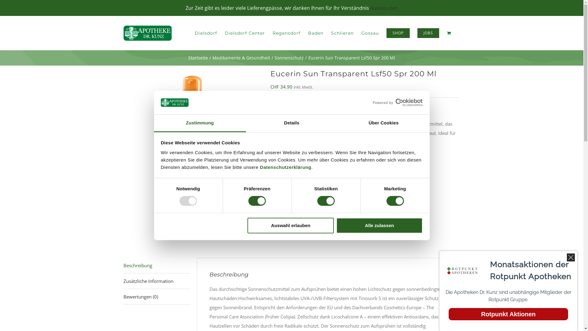  What do you see at coordinates (213, 58) in the screenshot?
I see `'Medikamente & Gesundheit'` at bounding box center [213, 58].